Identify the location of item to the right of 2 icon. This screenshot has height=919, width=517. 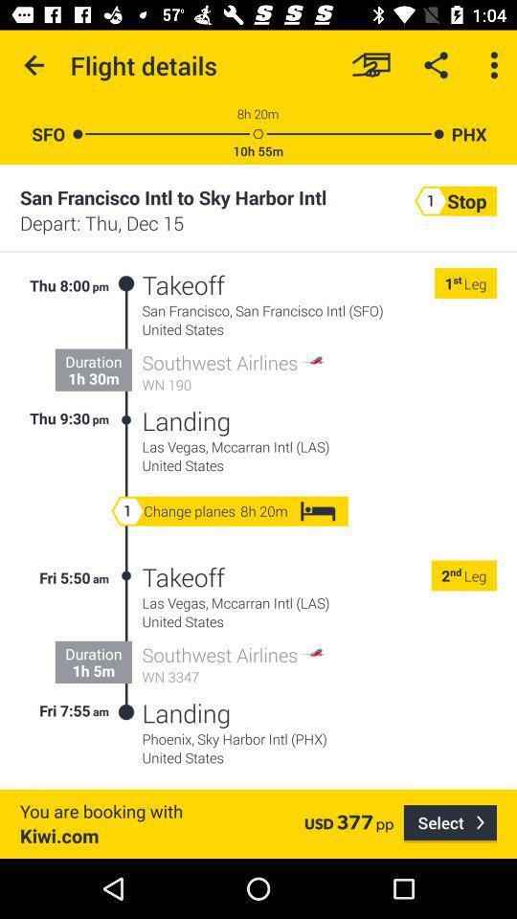
(455, 574).